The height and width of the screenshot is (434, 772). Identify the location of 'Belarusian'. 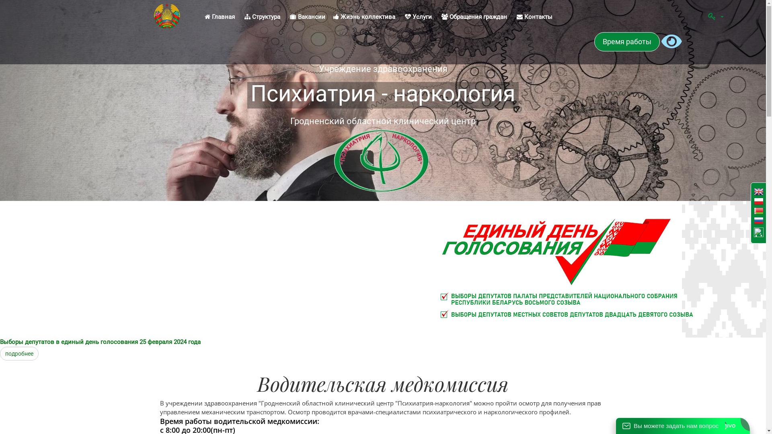
(758, 212).